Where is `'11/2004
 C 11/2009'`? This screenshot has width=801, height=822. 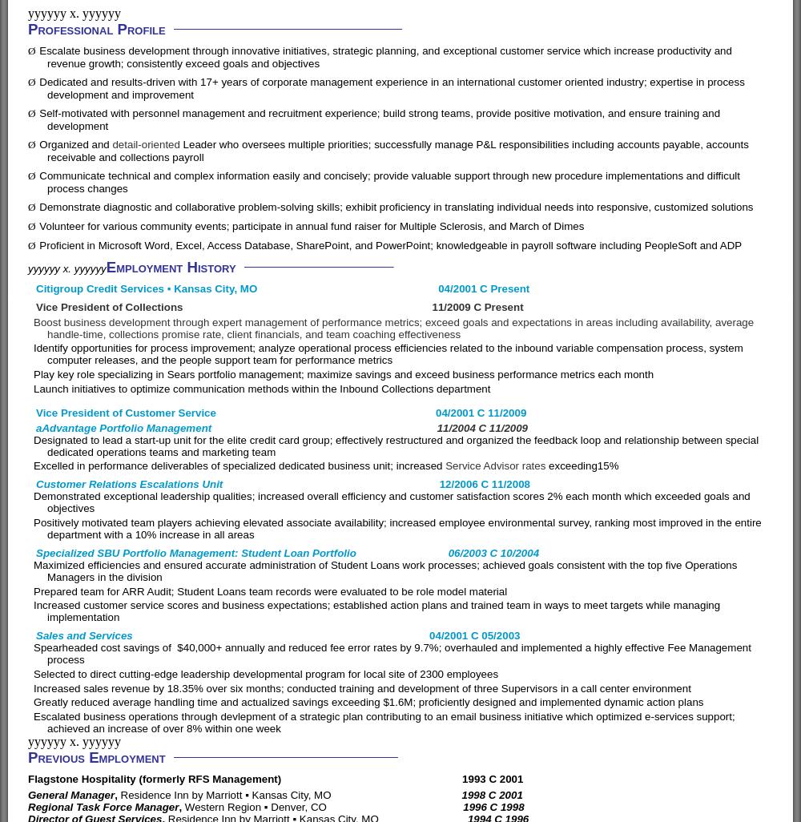 '11/2004
 C 11/2009' is located at coordinates (481, 427).